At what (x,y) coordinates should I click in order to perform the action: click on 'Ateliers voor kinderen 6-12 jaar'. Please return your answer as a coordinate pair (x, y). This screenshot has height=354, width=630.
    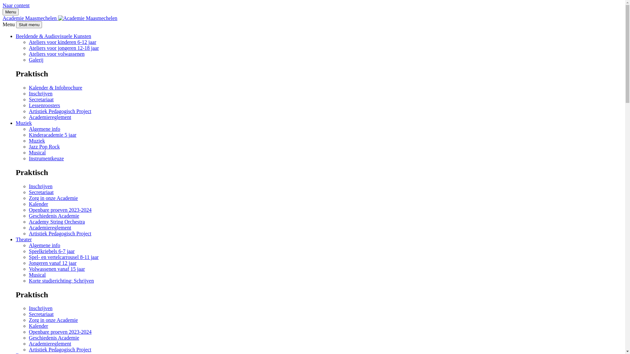
    Looking at the image, I should click on (62, 42).